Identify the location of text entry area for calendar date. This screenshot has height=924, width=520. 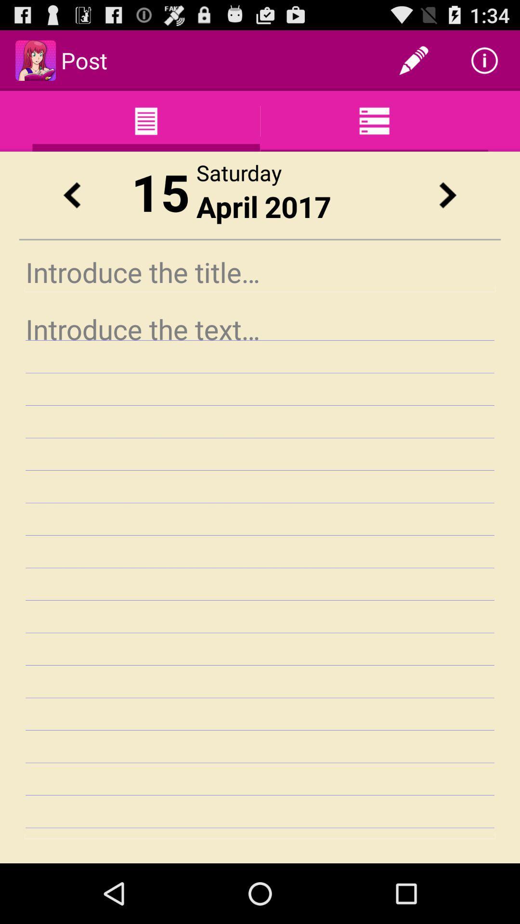
(260, 574).